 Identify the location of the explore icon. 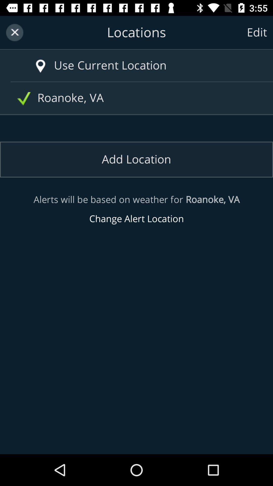
(33, 61).